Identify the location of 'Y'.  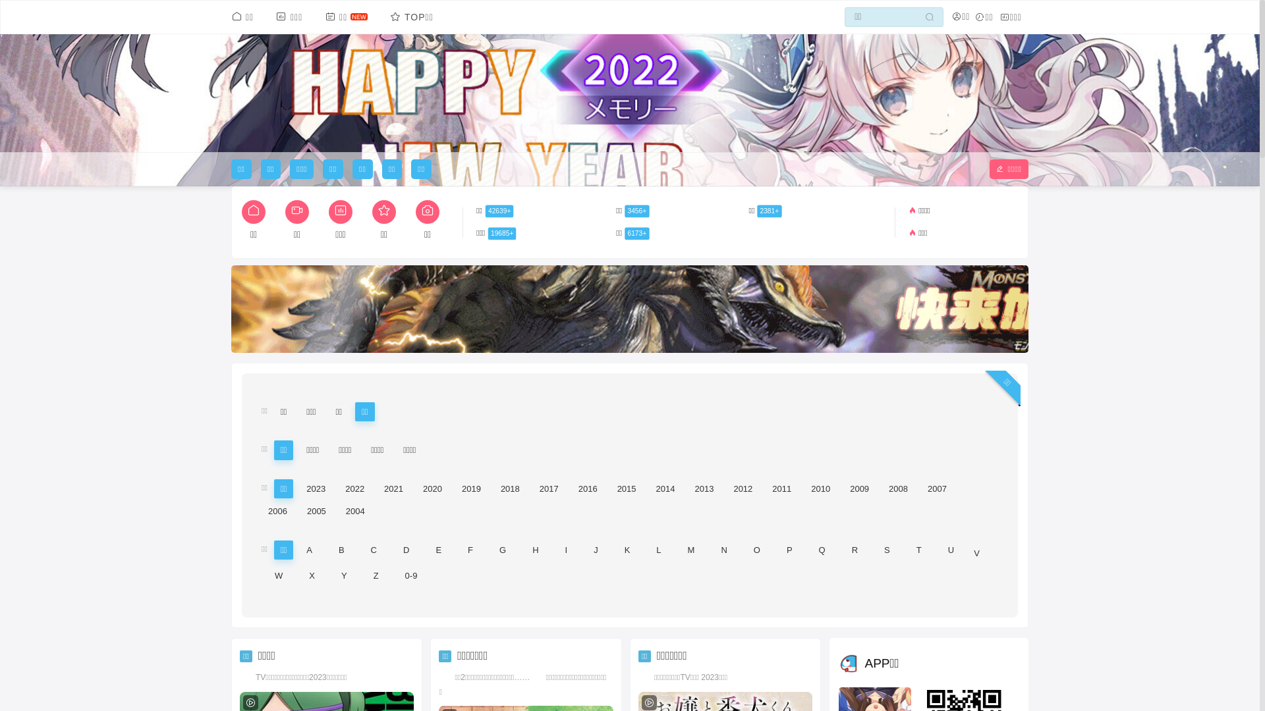
(344, 575).